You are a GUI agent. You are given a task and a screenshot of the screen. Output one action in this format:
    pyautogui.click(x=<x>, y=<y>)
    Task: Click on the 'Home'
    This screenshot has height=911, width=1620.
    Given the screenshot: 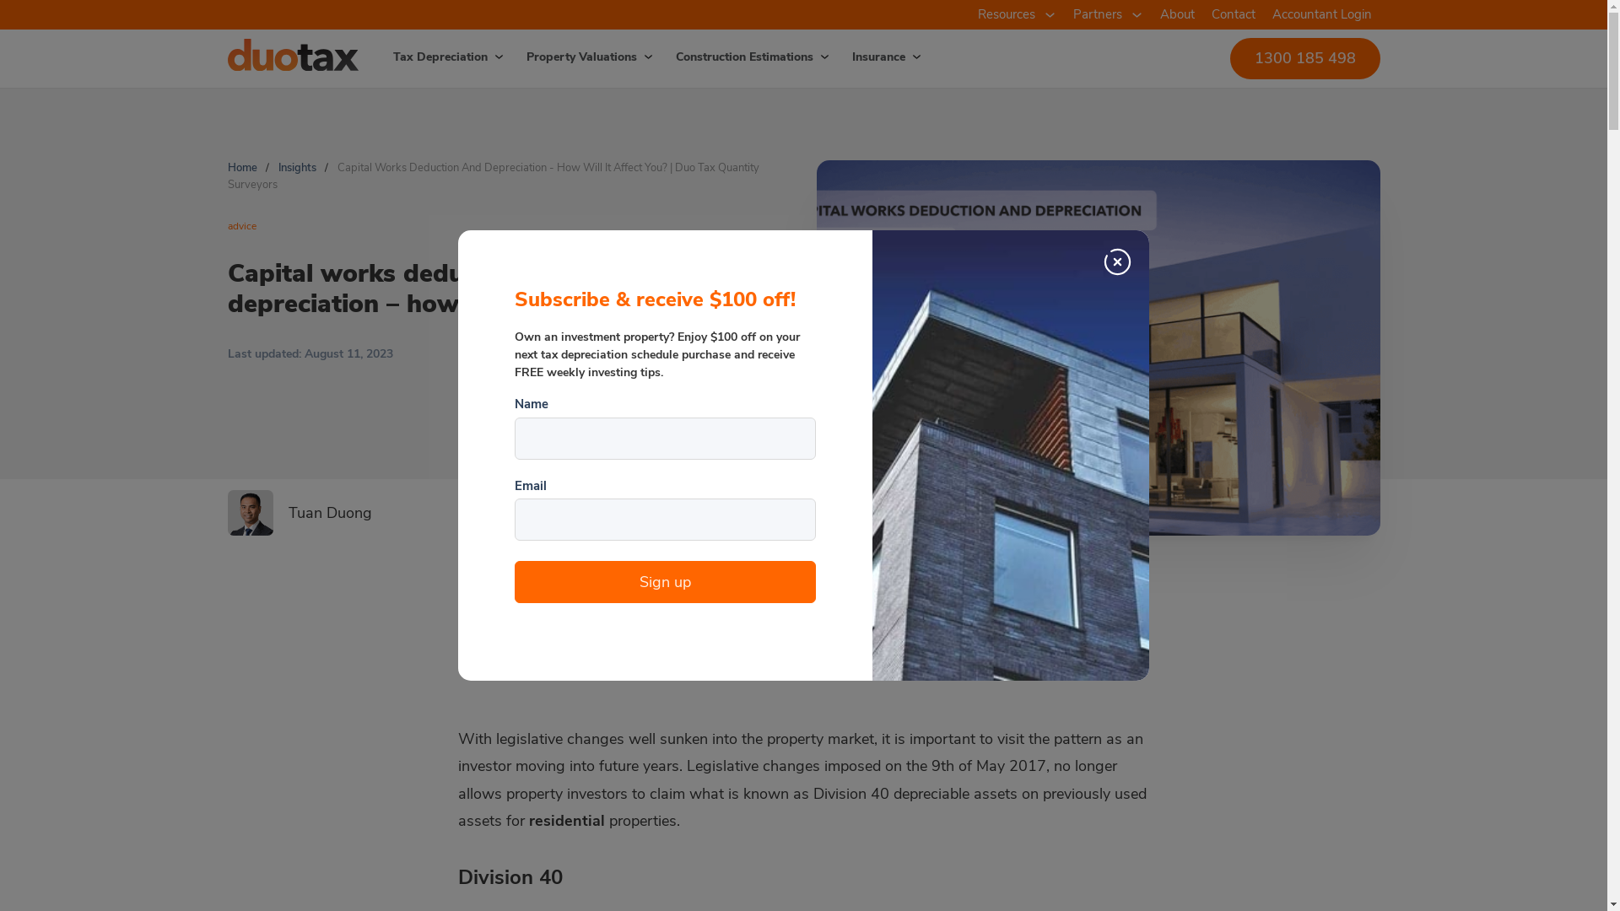 What is the action you would take?
    pyautogui.click(x=241, y=168)
    